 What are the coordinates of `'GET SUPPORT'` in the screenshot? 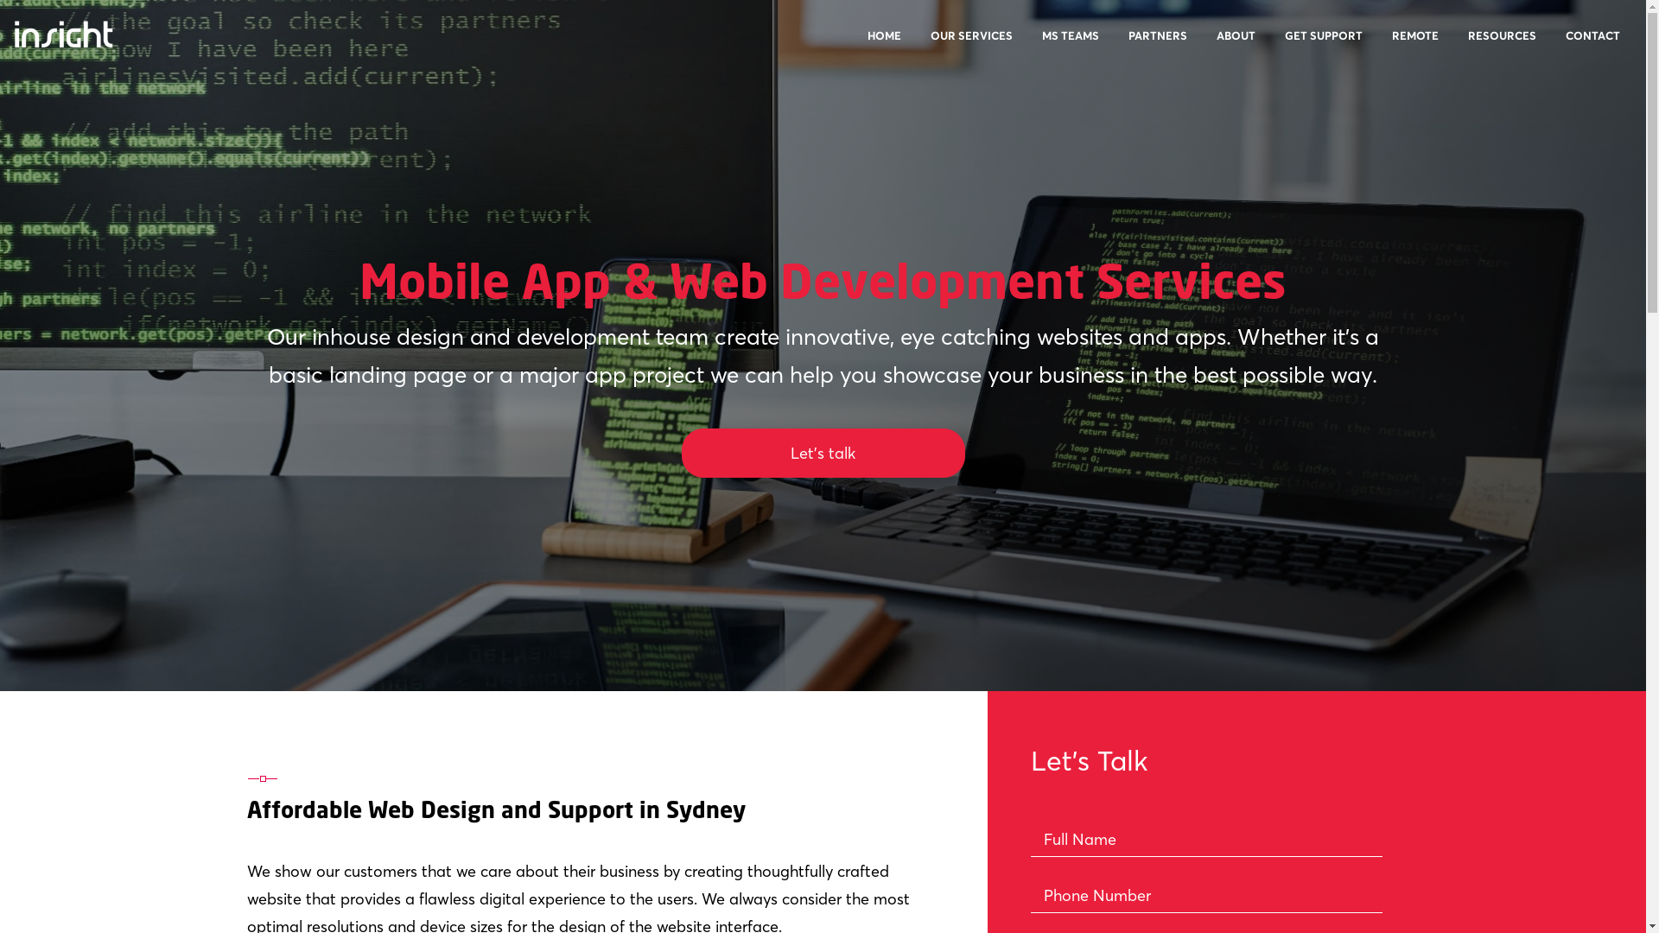 It's located at (1322, 45).